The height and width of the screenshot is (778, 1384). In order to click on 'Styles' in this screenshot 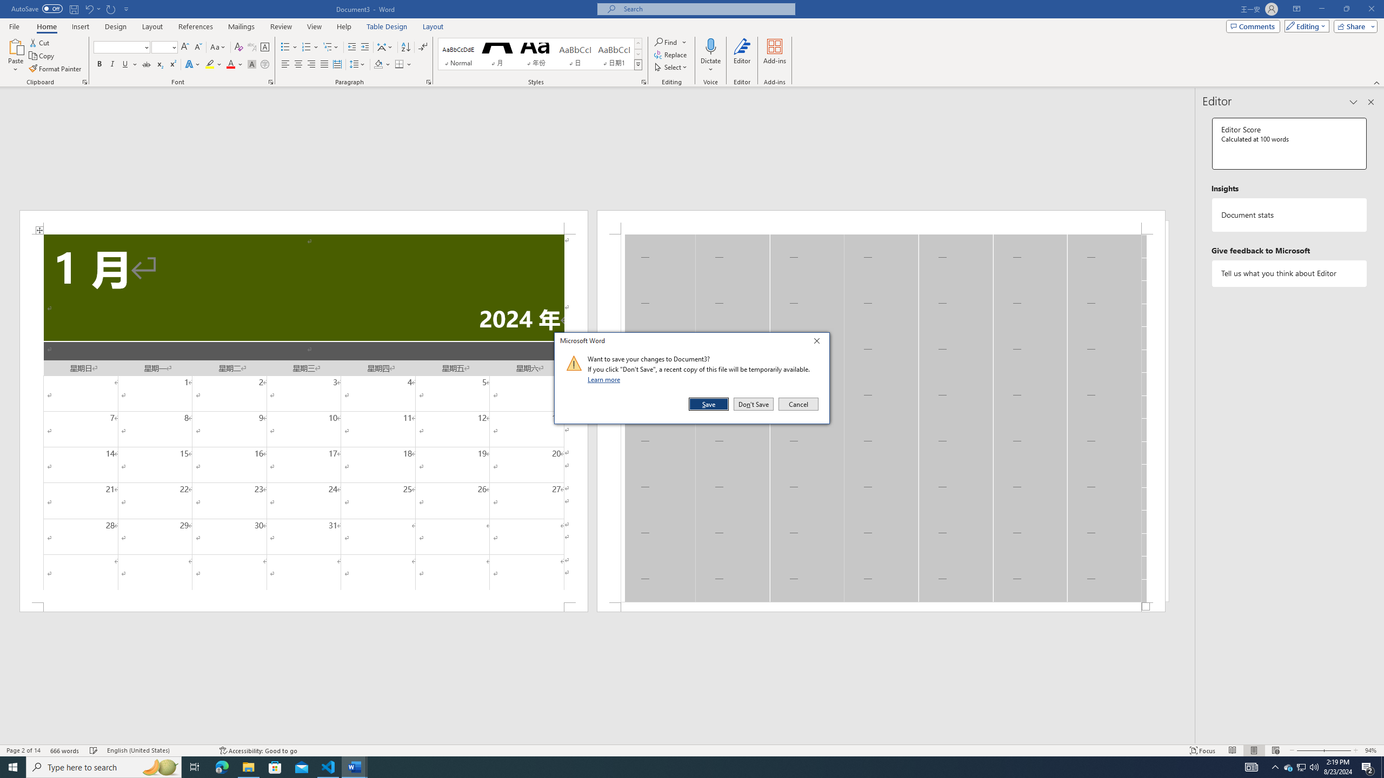, I will do `click(637, 64)`.